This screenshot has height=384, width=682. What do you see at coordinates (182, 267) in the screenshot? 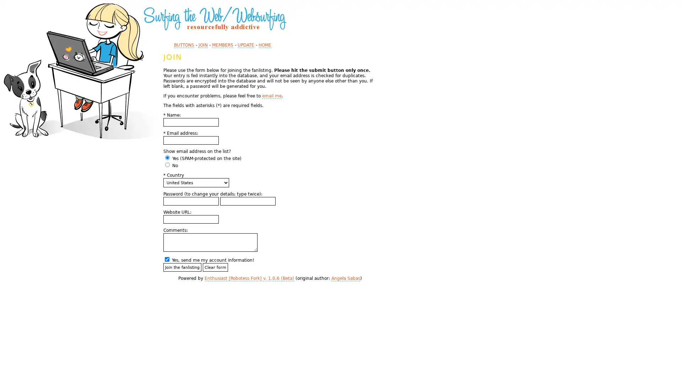
I see `Join the fanlisting` at bounding box center [182, 267].